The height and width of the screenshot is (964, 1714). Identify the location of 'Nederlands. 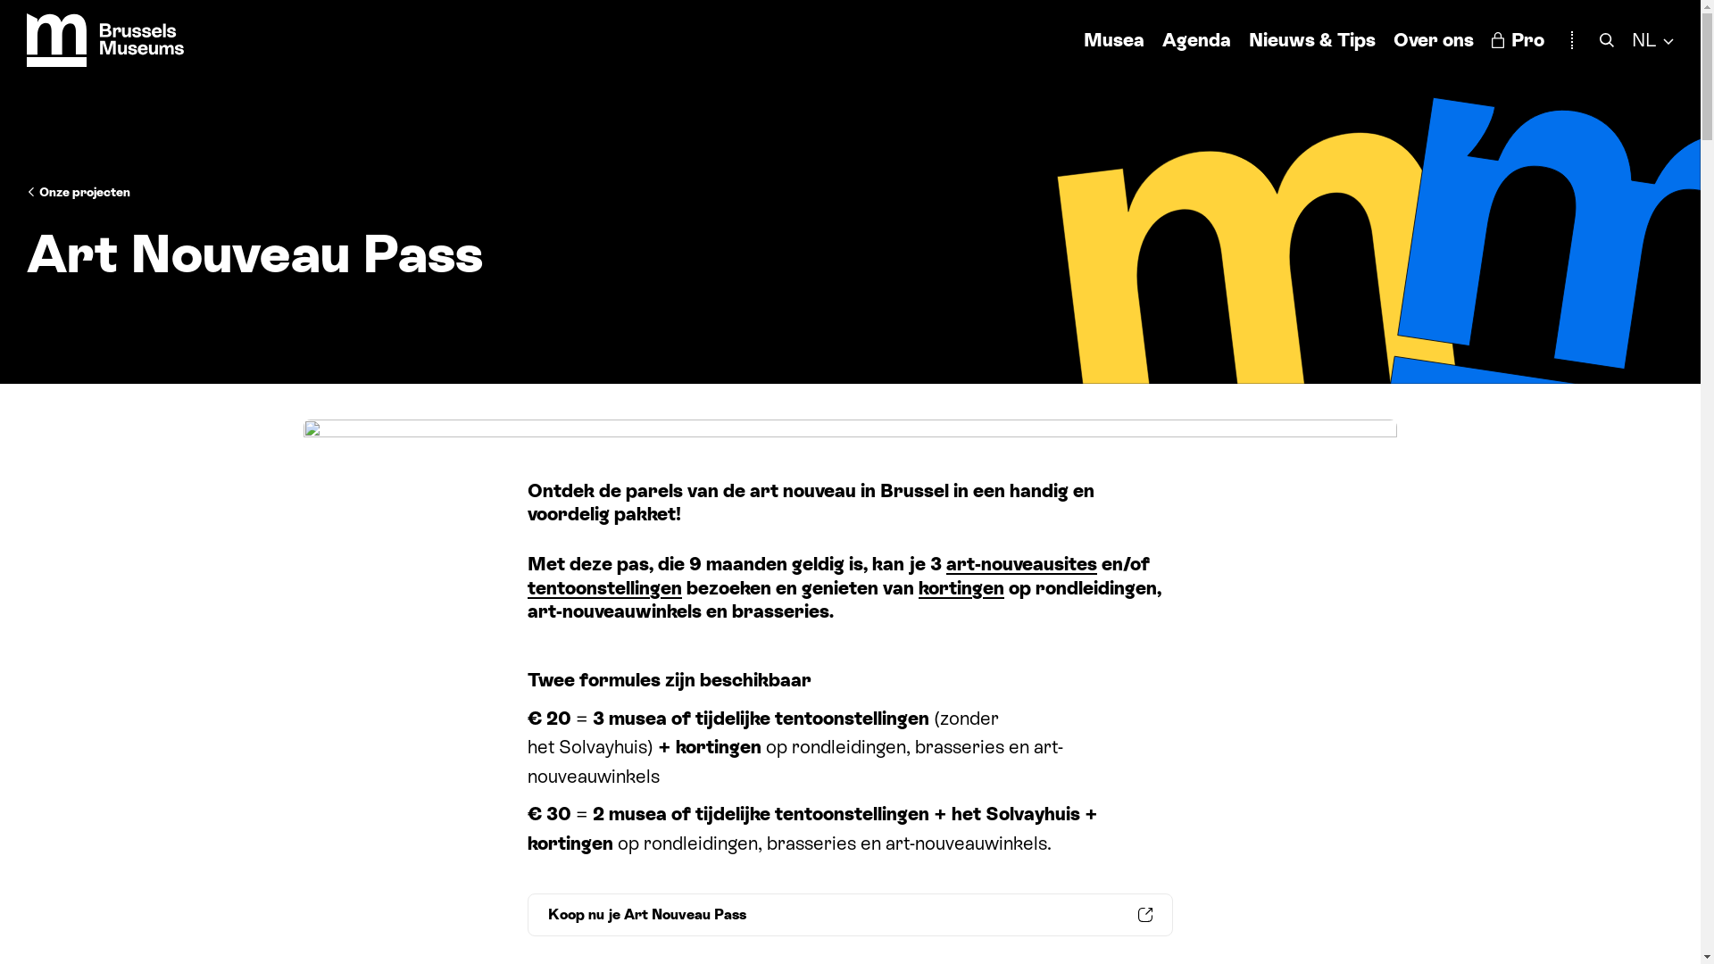
(1632, 39).